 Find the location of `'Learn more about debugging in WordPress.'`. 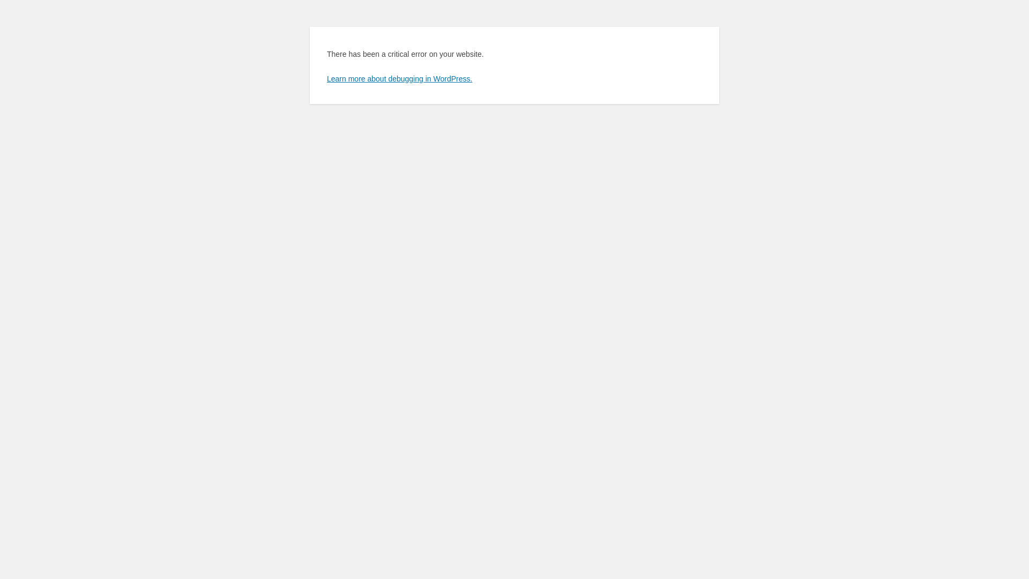

'Learn more about debugging in WordPress.' is located at coordinates (326, 78).